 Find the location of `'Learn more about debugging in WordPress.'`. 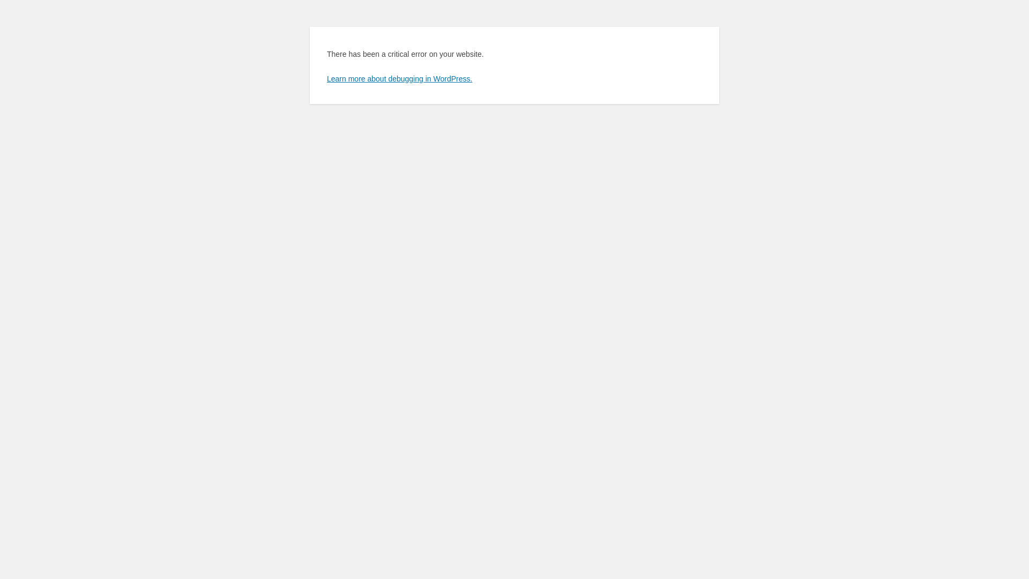

'Learn more about debugging in WordPress.' is located at coordinates (326, 78).